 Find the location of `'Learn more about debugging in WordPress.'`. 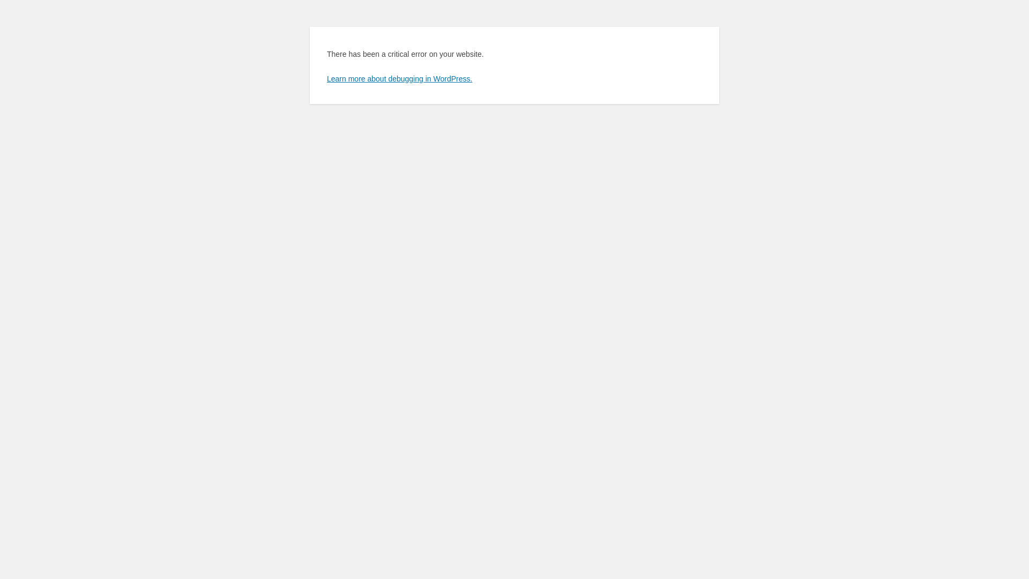

'Learn more about debugging in WordPress.' is located at coordinates (326, 78).